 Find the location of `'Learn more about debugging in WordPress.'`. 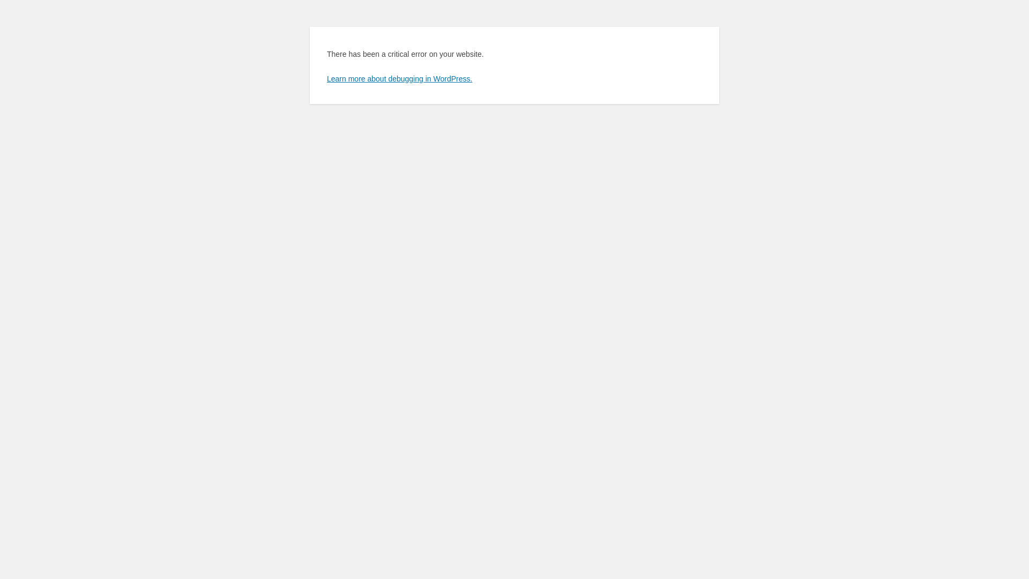

'Learn more about debugging in WordPress.' is located at coordinates (326, 78).